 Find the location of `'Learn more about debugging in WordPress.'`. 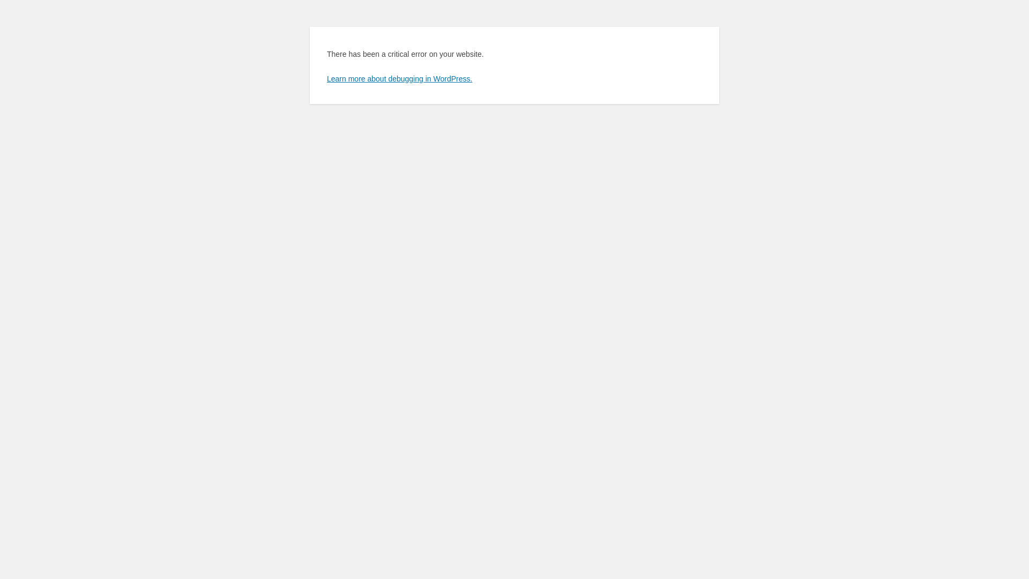

'Learn more about debugging in WordPress.' is located at coordinates (326, 78).